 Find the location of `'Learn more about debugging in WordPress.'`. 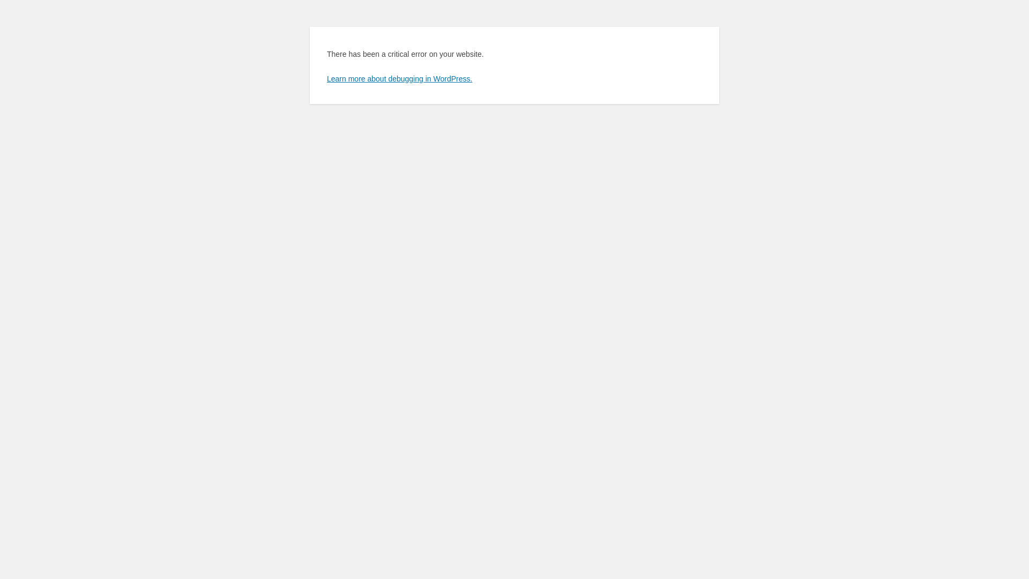

'Learn more about debugging in WordPress.' is located at coordinates (326, 78).